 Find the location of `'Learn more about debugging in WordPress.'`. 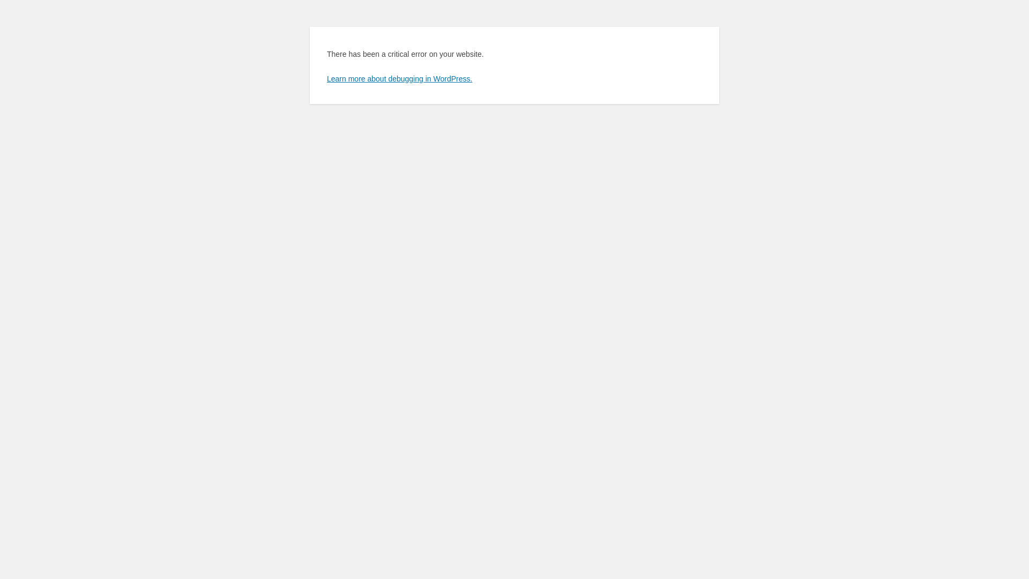

'Learn more about debugging in WordPress.' is located at coordinates (326, 78).